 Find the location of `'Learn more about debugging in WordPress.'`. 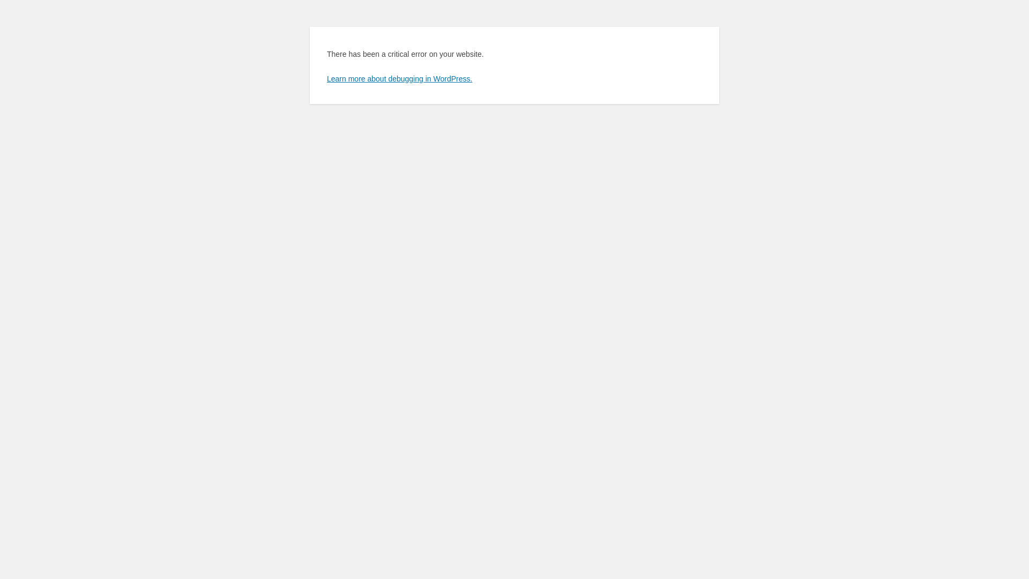

'Learn more about debugging in WordPress.' is located at coordinates (326, 78).